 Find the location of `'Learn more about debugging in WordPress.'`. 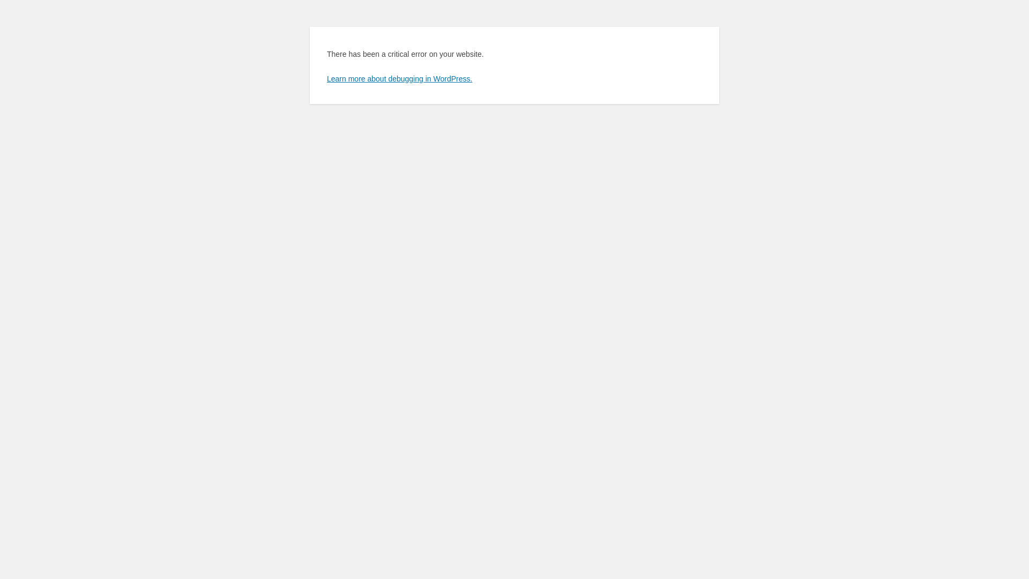

'Learn more about debugging in WordPress.' is located at coordinates (326, 78).